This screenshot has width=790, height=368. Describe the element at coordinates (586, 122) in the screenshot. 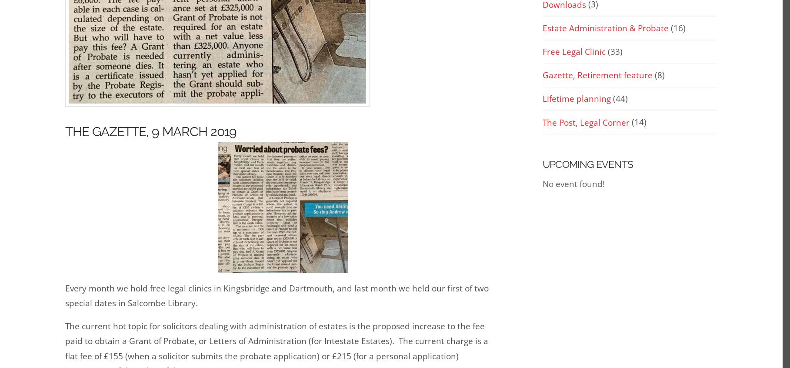

I see `'The Post, Legal Corner'` at that location.